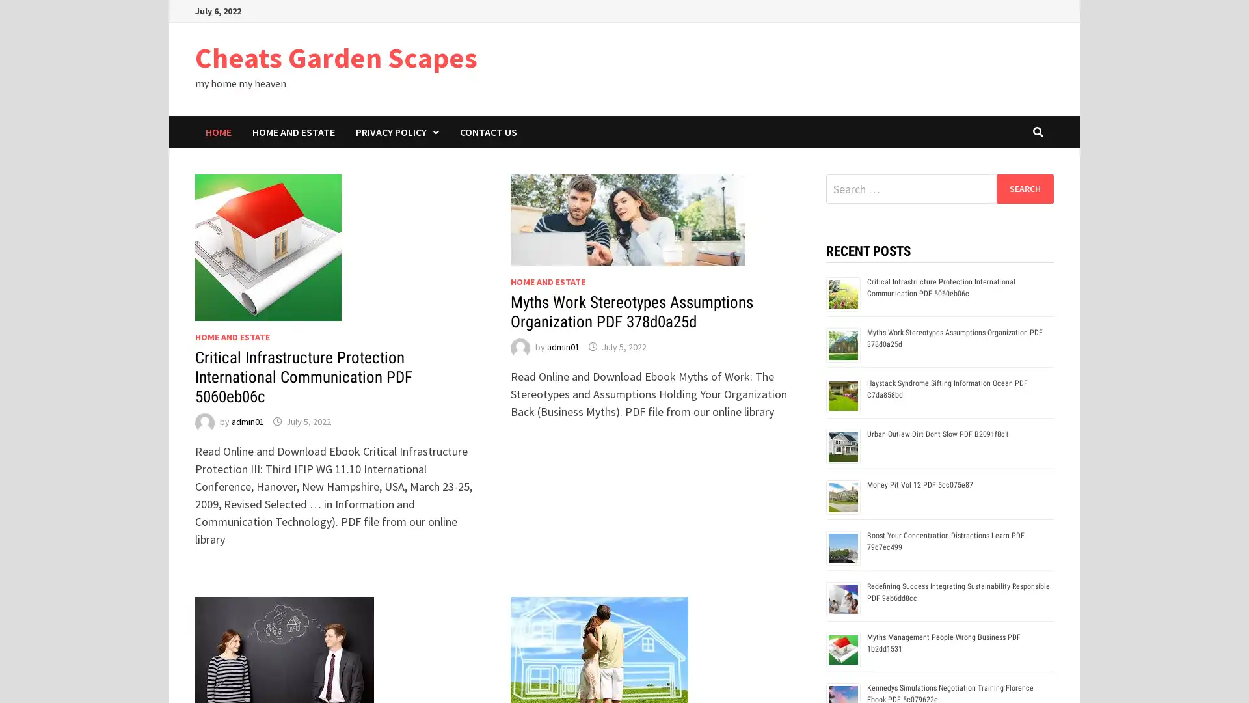  What do you see at coordinates (1024, 188) in the screenshot?
I see `Search` at bounding box center [1024, 188].